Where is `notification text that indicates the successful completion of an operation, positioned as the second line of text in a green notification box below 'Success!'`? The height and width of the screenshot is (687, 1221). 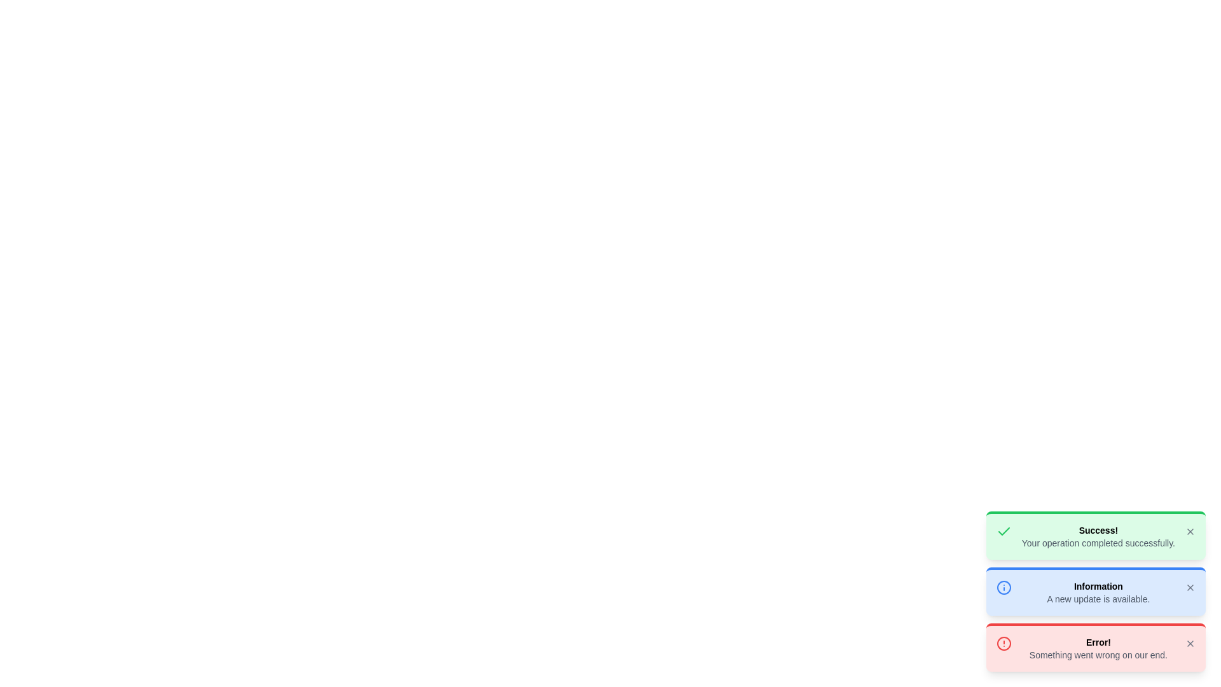
notification text that indicates the successful completion of an operation, positioned as the second line of text in a green notification box below 'Success!' is located at coordinates (1098, 543).